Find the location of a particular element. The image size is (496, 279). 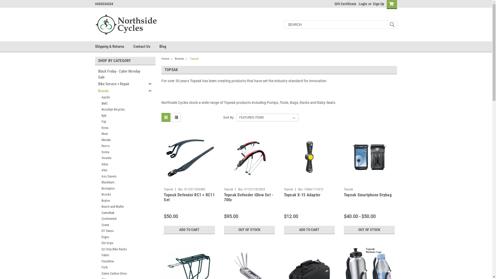

'ADD TO CART' is located at coordinates (309, 230).